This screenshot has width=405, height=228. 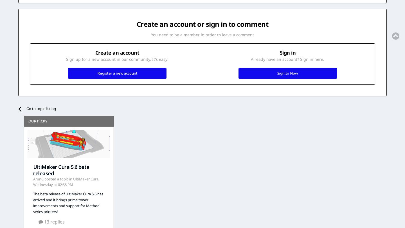 What do you see at coordinates (37, 121) in the screenshot?
I see `'Our picks'` at bounding box center [37, 121].